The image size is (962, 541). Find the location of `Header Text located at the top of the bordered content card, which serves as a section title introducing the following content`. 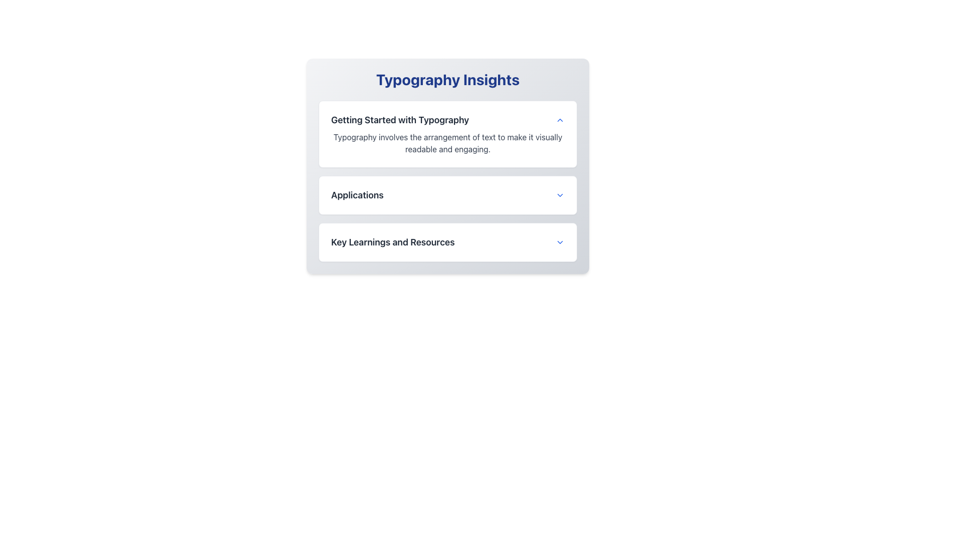

Header Text located at the top of the bordered content card, which serves as a section title introducing the following content is located at coordinates (447, 119).